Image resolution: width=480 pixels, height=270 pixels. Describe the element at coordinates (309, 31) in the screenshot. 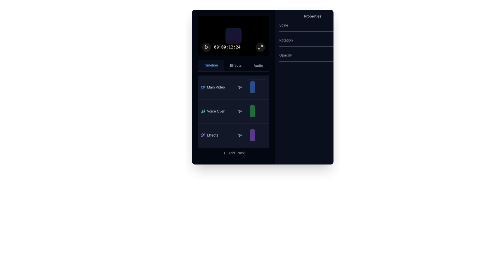

I see `the scale slider` at that location.